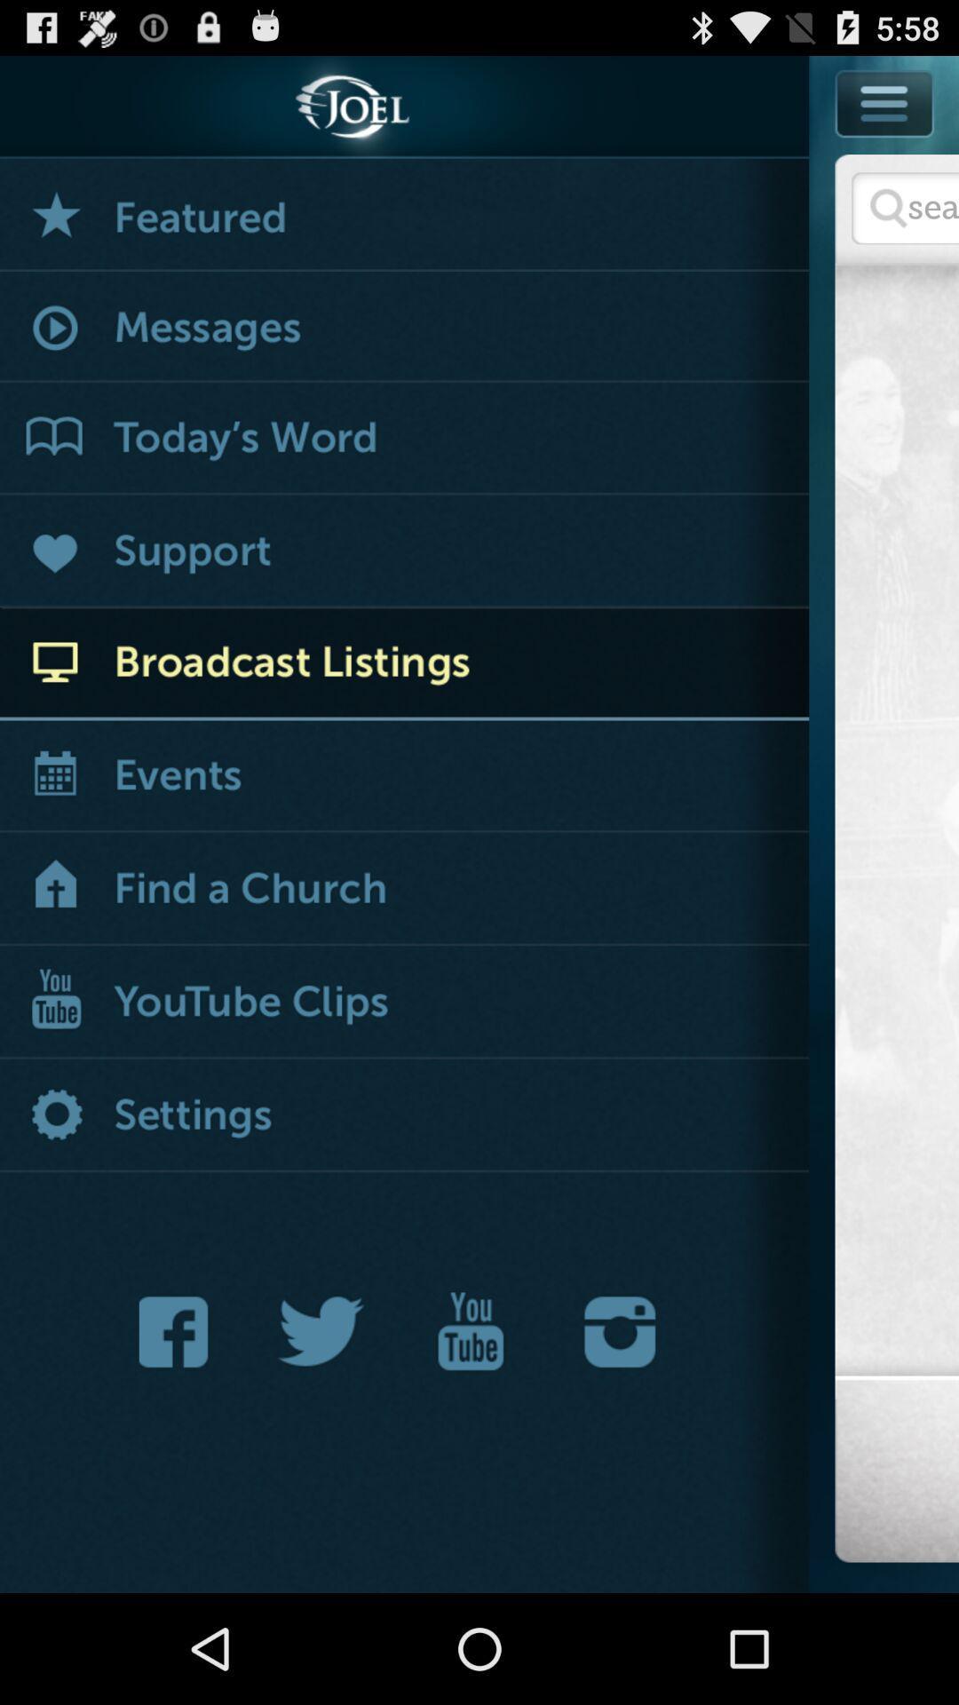 The height and width of the screenshot is (1705, 959). I want to click on menu button, so click(884, 143).